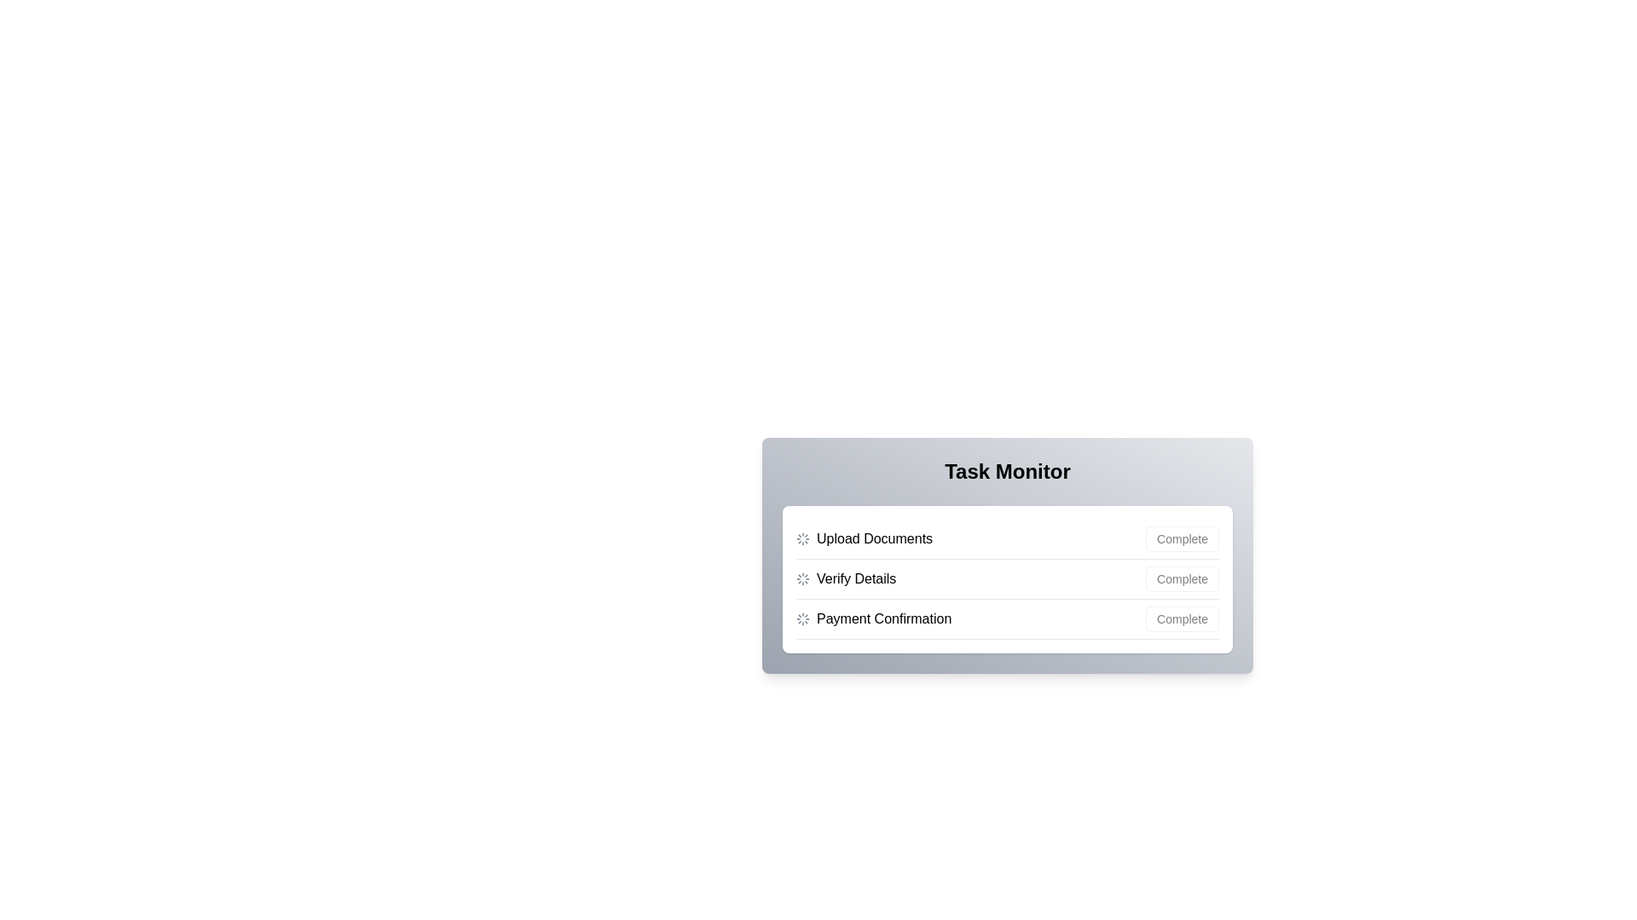 The image size is (1637, 920). What do you see at coordinates (864, 538) in the screenshot?
I see `the label that indicates a task in progress related to uploading documents, located under 'Task Monitor' and to the left of the 'Complete' button` at bounding box center [864, 538].